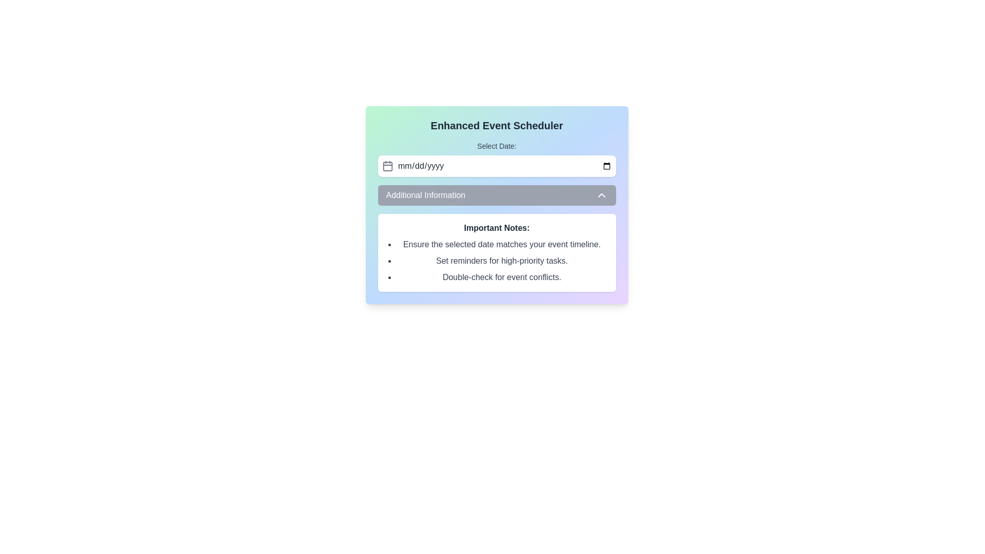  What do you see at coordinates (497, 261) in the screenshot?
I see `the bulleted text list containing three entries about event reminders and conflicts, located below the 'Important Notes:' heading` at bounding box center [497, 261].